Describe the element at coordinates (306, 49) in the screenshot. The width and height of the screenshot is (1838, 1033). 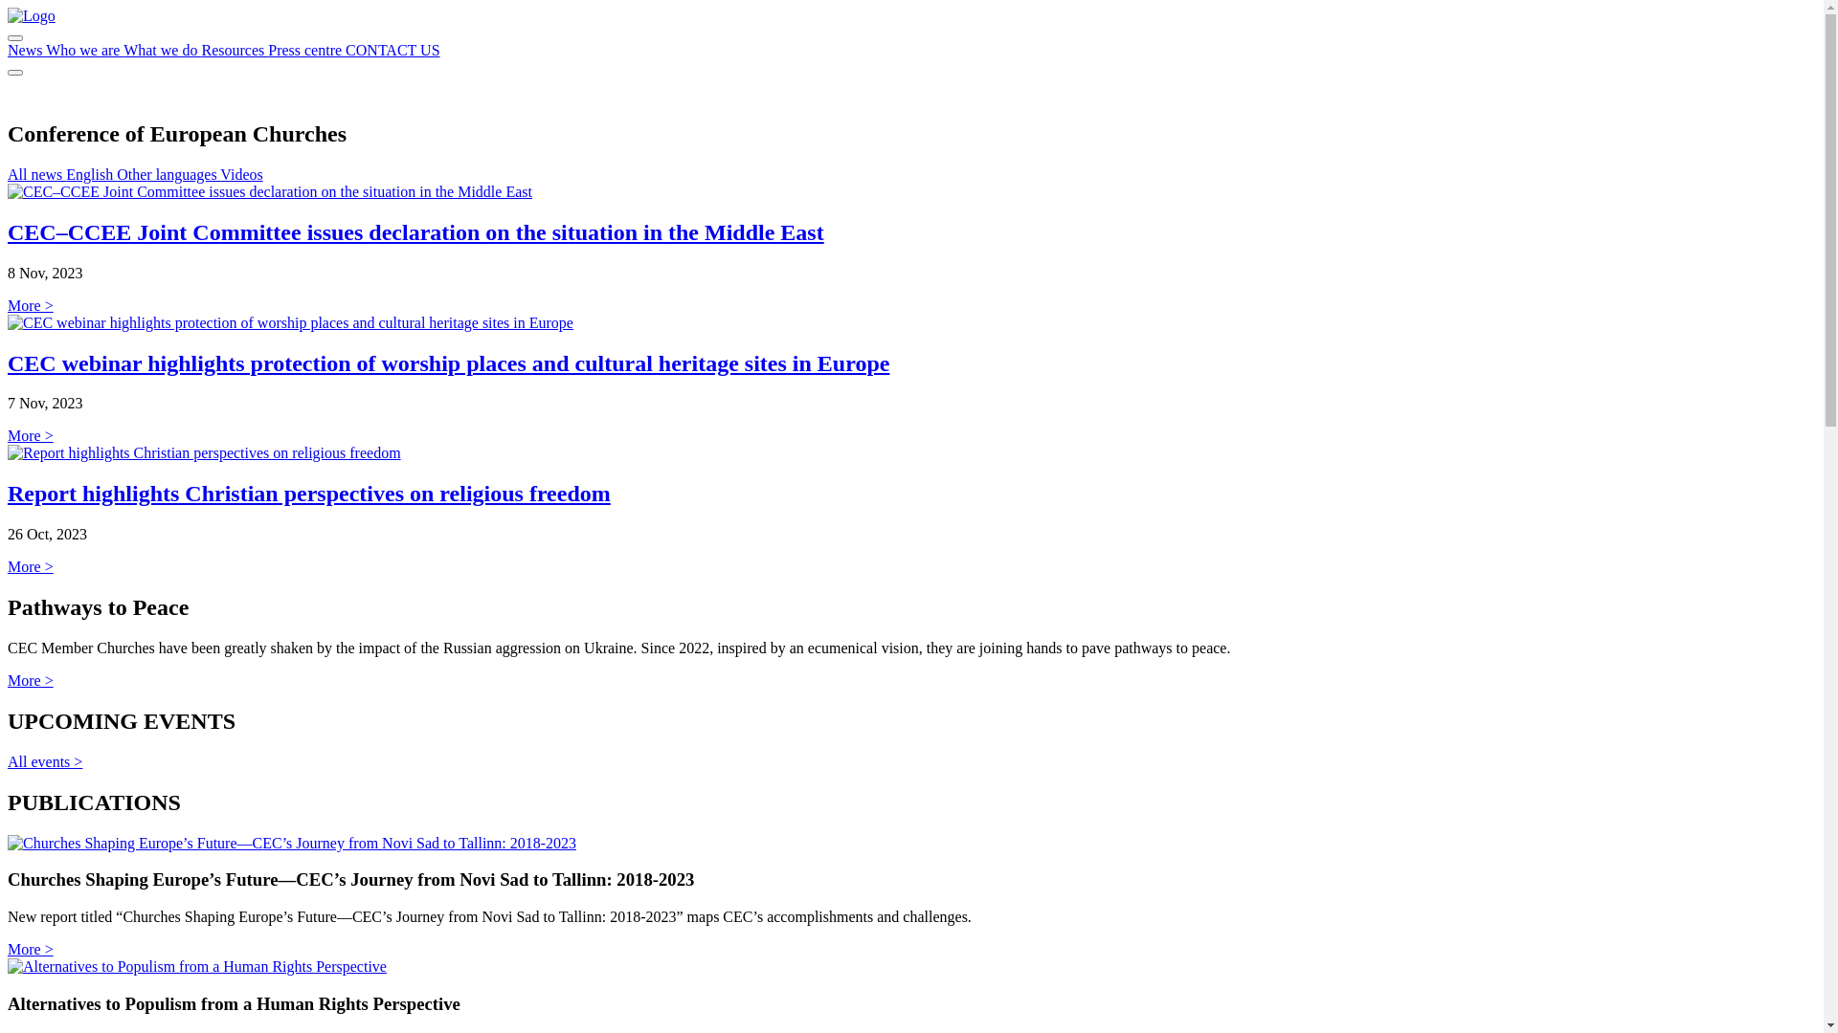
I see `'Press centre'` at that location.